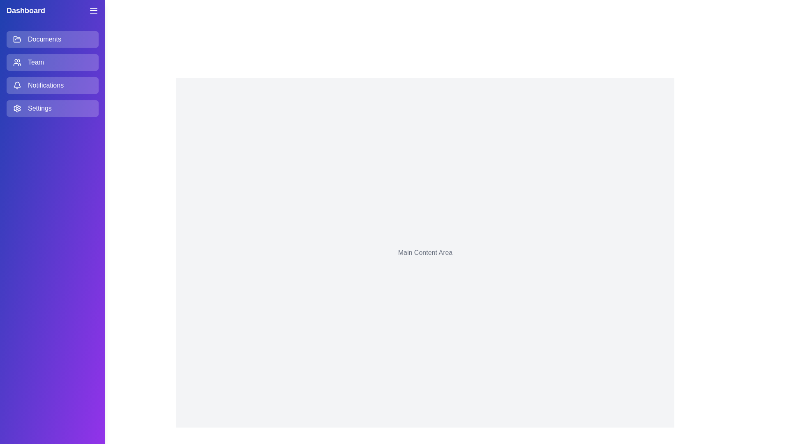 This screenshot has width=789, height=444. What do you see at coordinates (52, 86) in the screenshot?
I see `the menu item Notifications from the list` at bounding box center [52, 86].